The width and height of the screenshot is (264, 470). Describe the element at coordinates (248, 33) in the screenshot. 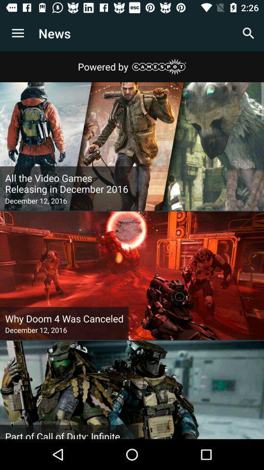

I see `item next to news icon` at that location.